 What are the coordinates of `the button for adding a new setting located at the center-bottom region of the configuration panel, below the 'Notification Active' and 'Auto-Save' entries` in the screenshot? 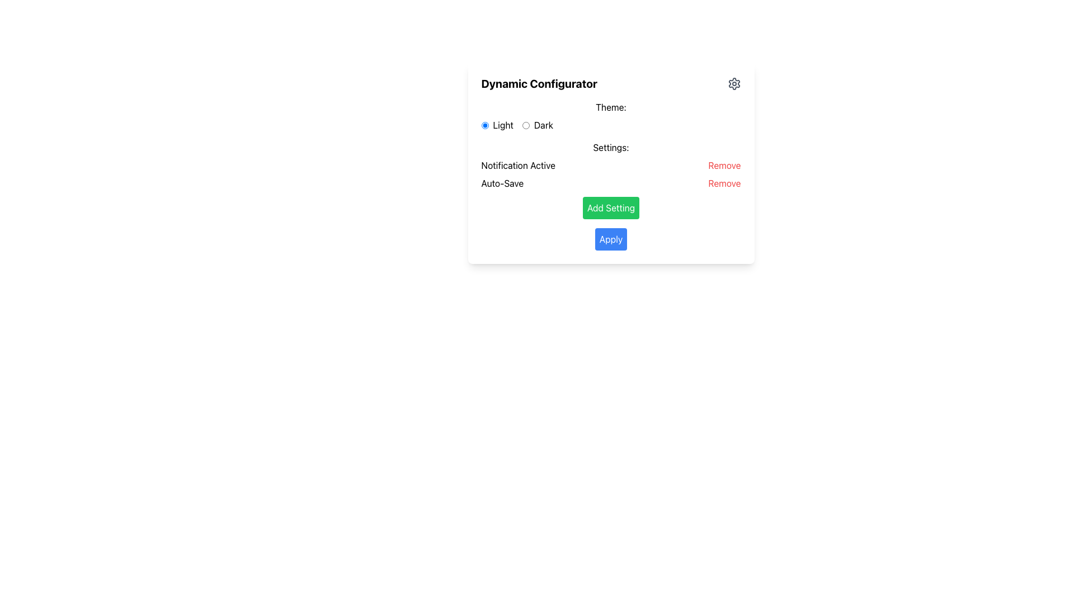 It's located at (610, 207).